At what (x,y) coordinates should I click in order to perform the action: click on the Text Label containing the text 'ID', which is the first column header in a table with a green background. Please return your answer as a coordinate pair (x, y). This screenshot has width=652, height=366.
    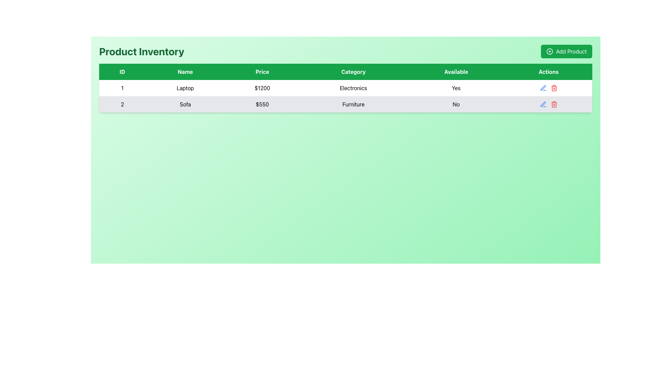
    Looking at the image, I should click on (122, 72).